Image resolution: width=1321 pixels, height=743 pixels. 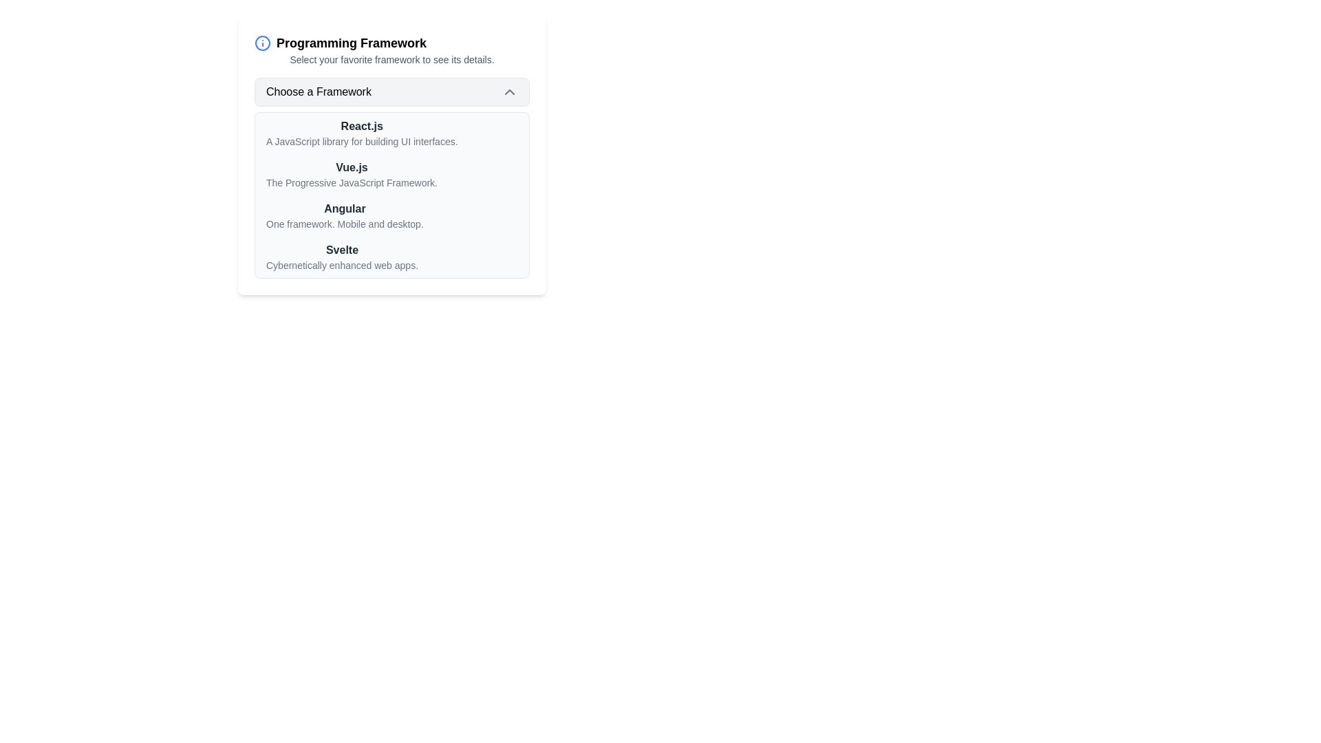 What do you see at coordinates (342, 257) in the screenshot?
I see `textual element titled 'Svelte' which is the fourth item in the 'Choose a Framework' section, displaying 'Cybernetically enhanced web apps.'` at bounding box center [342, 257].